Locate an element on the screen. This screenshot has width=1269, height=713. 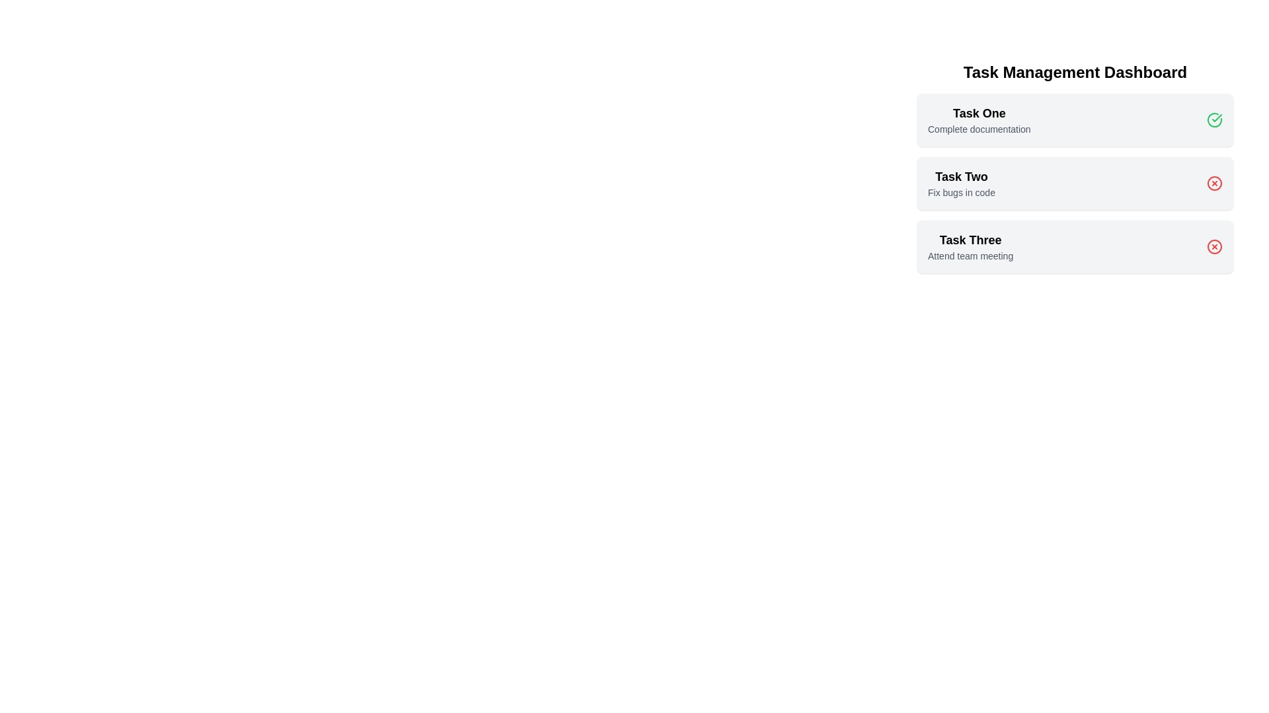
the task item Task Two to open its context menu is located at coordinates (961, 183).